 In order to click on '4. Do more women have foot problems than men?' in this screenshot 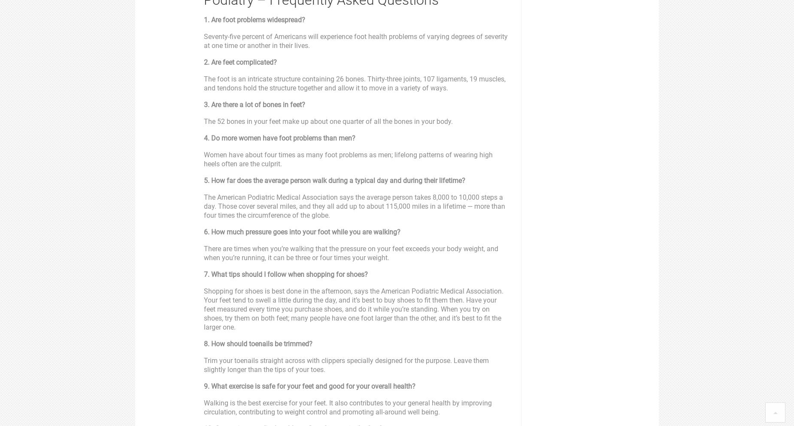, I will do `click(279, 138)`.